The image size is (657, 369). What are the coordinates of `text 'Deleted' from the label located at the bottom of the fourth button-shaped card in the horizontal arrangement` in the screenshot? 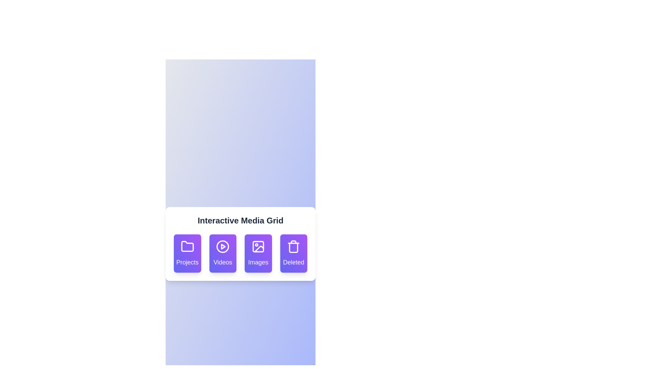 It's located at (294, 262).